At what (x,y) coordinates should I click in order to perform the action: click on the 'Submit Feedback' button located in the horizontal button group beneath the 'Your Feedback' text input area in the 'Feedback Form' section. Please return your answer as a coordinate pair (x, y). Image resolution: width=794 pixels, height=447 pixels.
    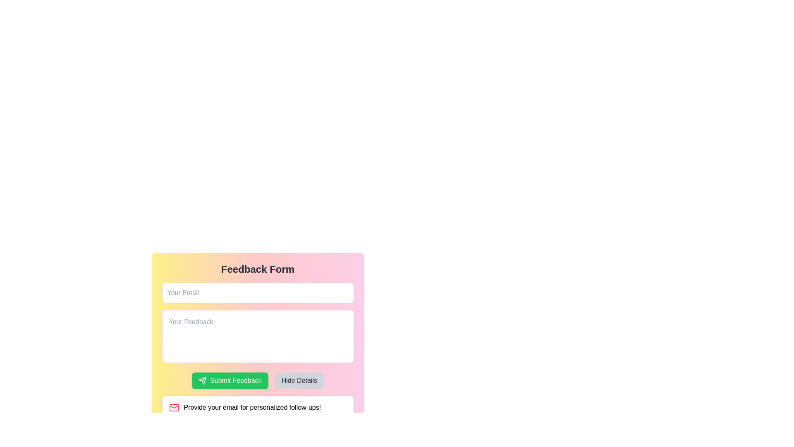
    Looking at the image, I should click on (257, 381).